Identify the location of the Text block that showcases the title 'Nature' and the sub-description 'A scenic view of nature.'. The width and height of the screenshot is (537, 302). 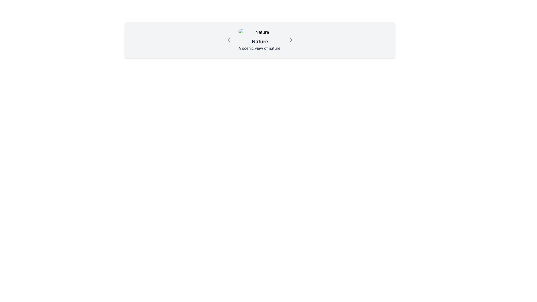
(260, 44).